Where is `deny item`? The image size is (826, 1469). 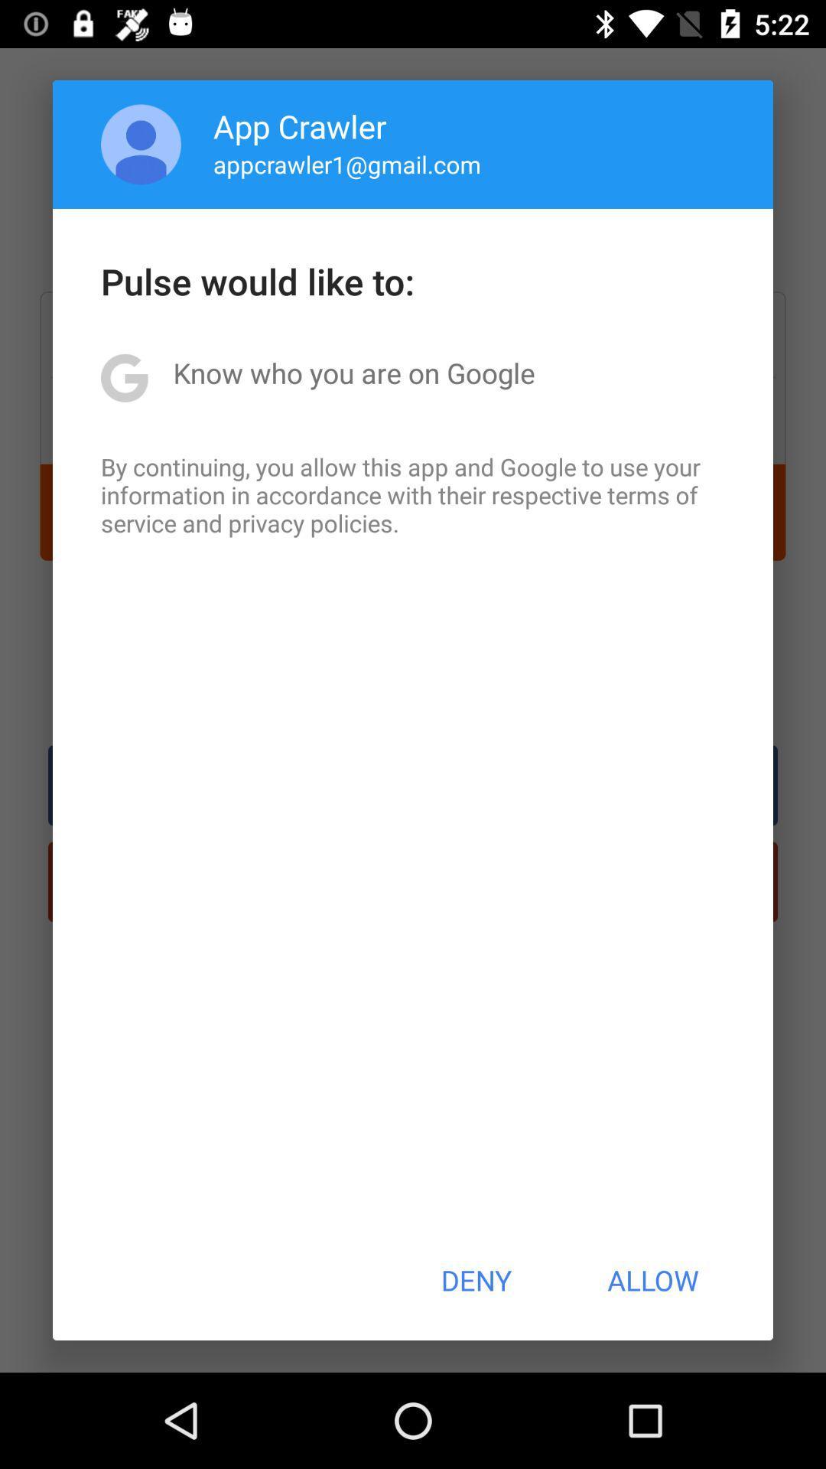
deny item is located at coordinates (475, 1280).